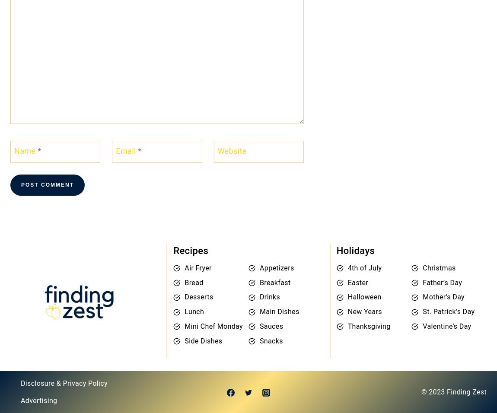 The image size is (497, 413). Describe the element at coordinates (258, 311) in the screenshot. I see `'Main Dishes'` at that location.